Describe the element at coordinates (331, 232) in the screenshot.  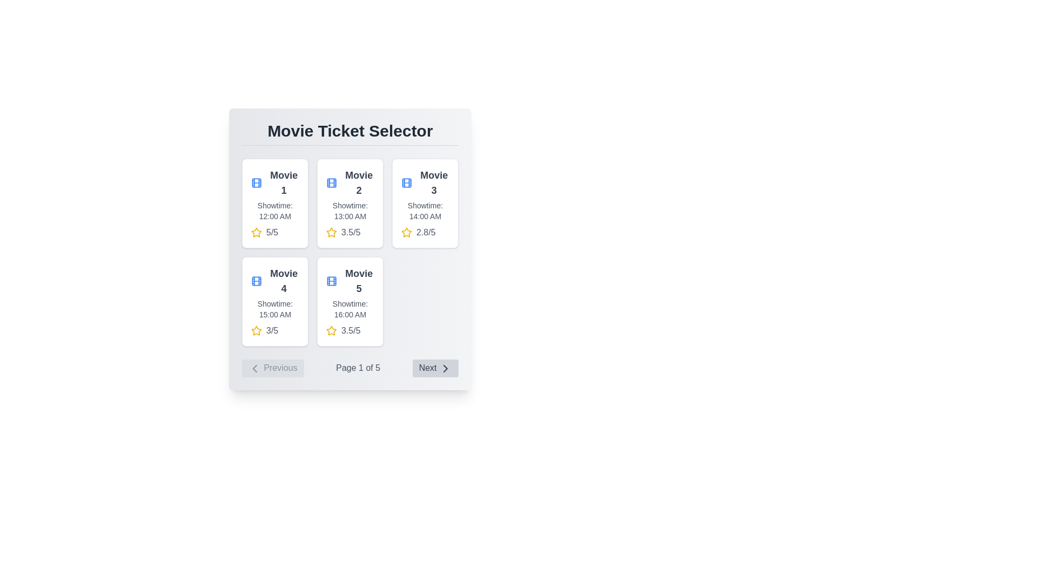
I see `the star icon representing the user rating system located on the second row of the grid in the 'Movie 2' card, positioned below the title and above the text '3.5/5' to rate or interact with it` at that location.